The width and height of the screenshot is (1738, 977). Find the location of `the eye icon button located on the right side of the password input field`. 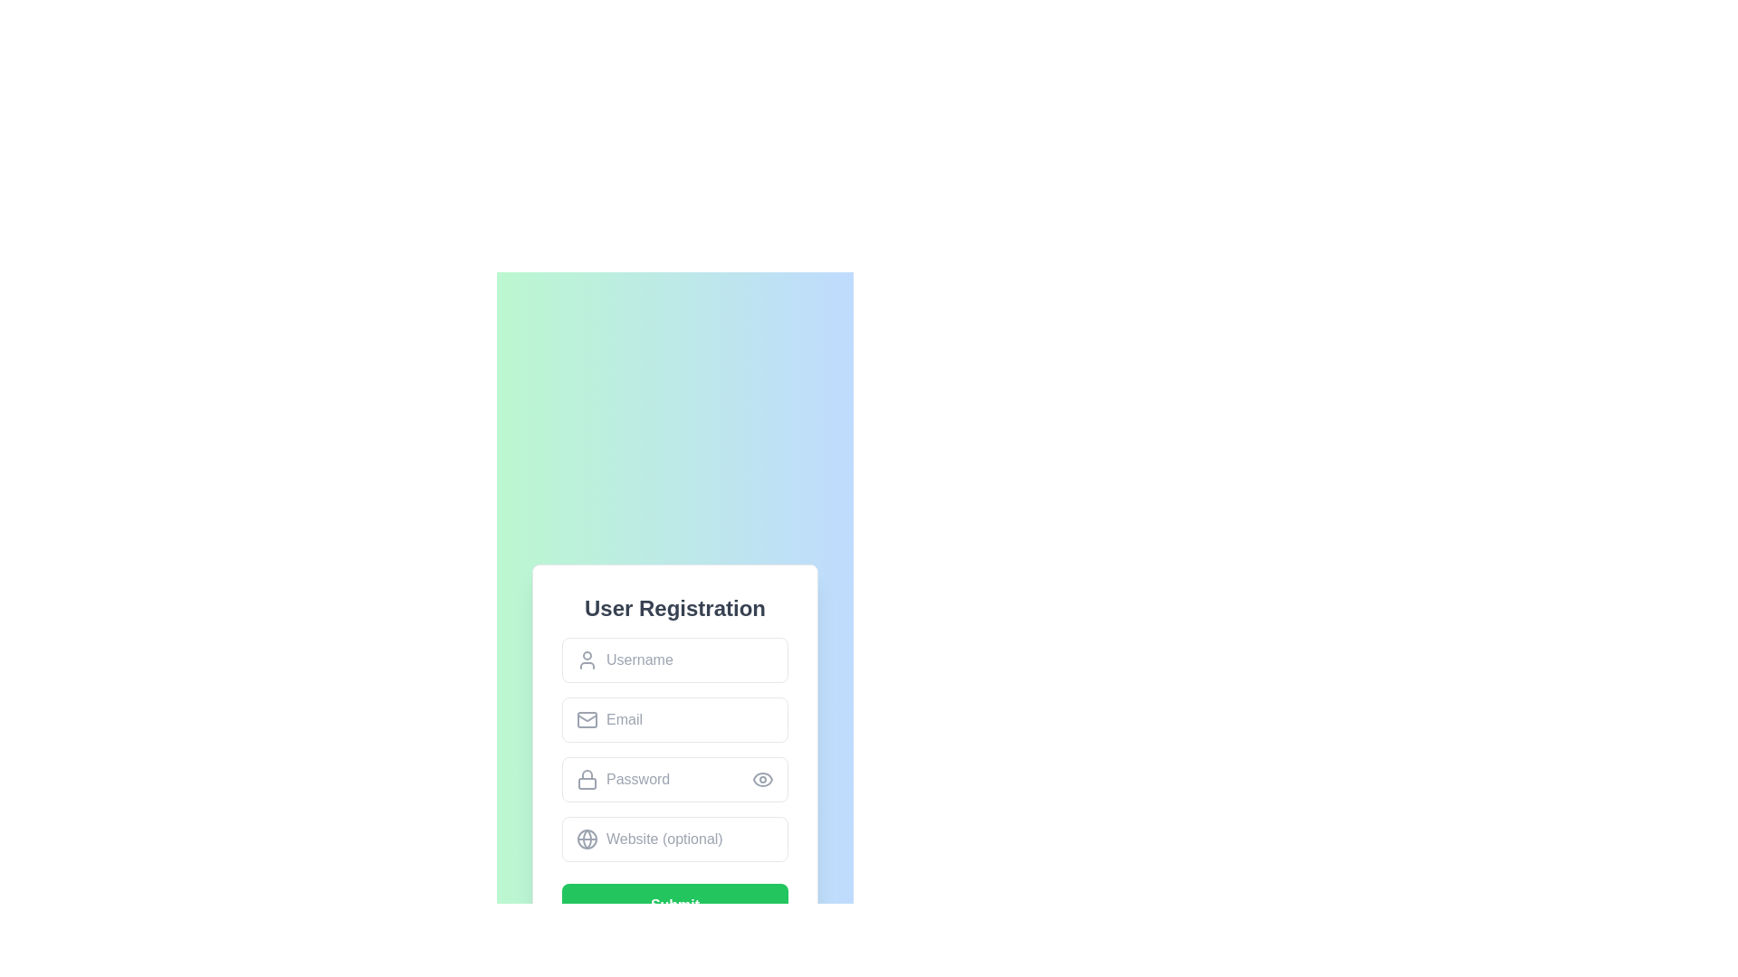

the eye icon button located on the right side of the password input field is located at coordinates (763, 778).